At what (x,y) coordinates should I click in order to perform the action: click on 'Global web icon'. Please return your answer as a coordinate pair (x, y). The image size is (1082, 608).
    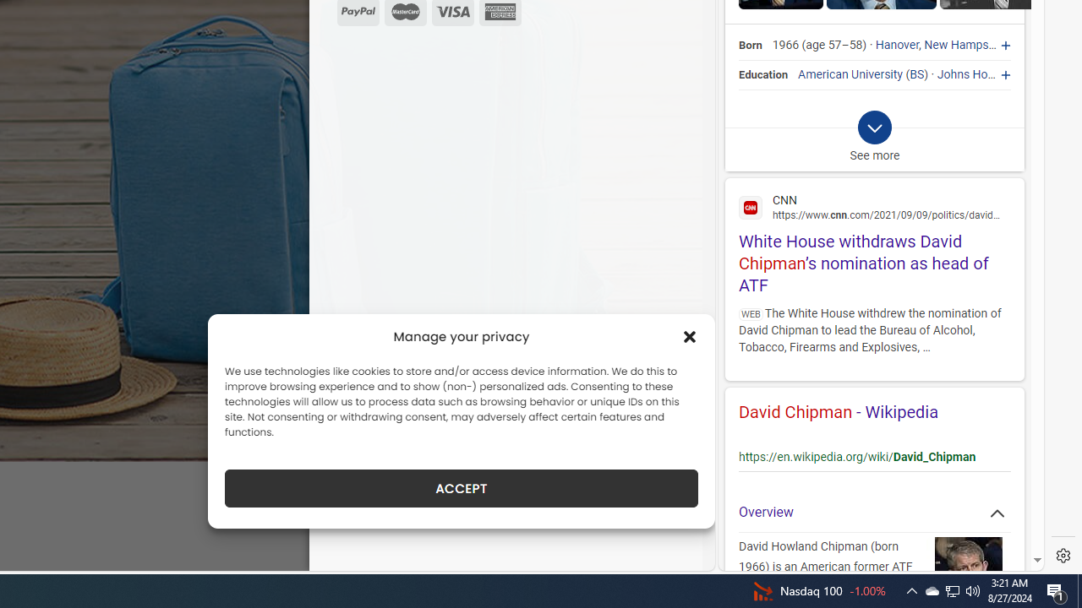
    Looking at the image, I should click on (750, 207).